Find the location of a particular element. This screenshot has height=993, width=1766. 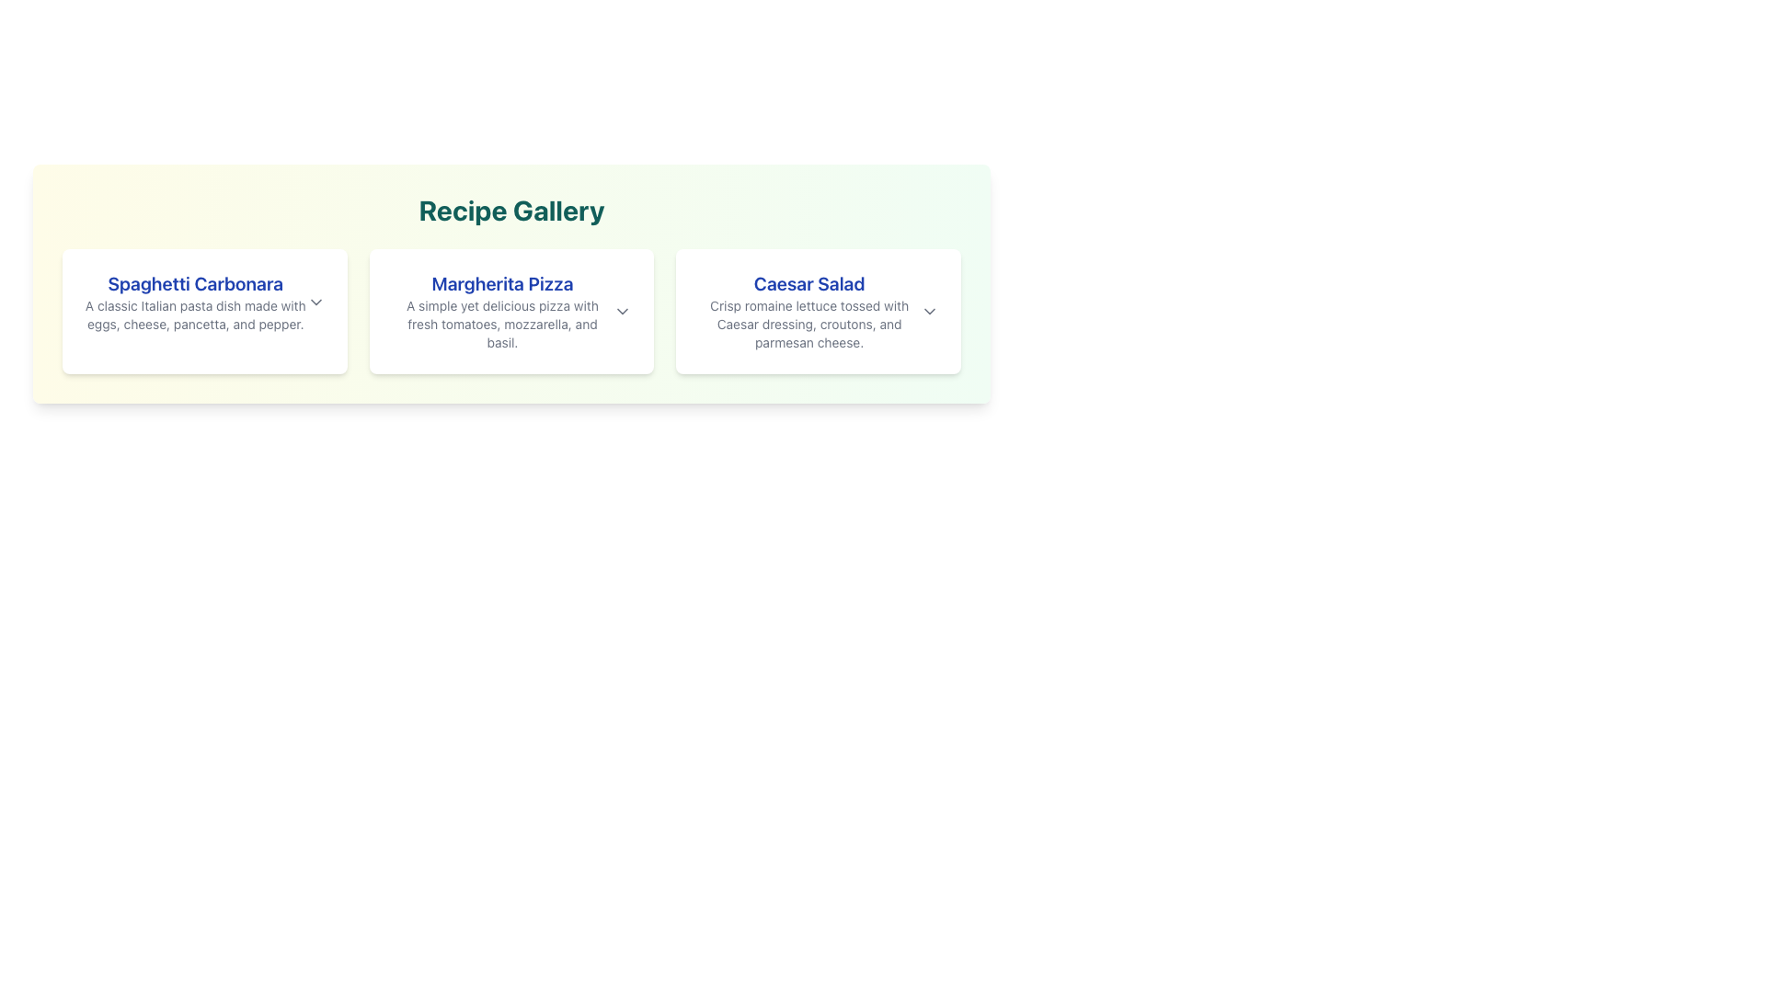

the label titled 'Spaghetti Carbonara' which features a bold, larger, blue text title and a smaller, gray text description, located in the top-left region of the 'Recipe Gallery' card grid is located at coordinates (195, 301).